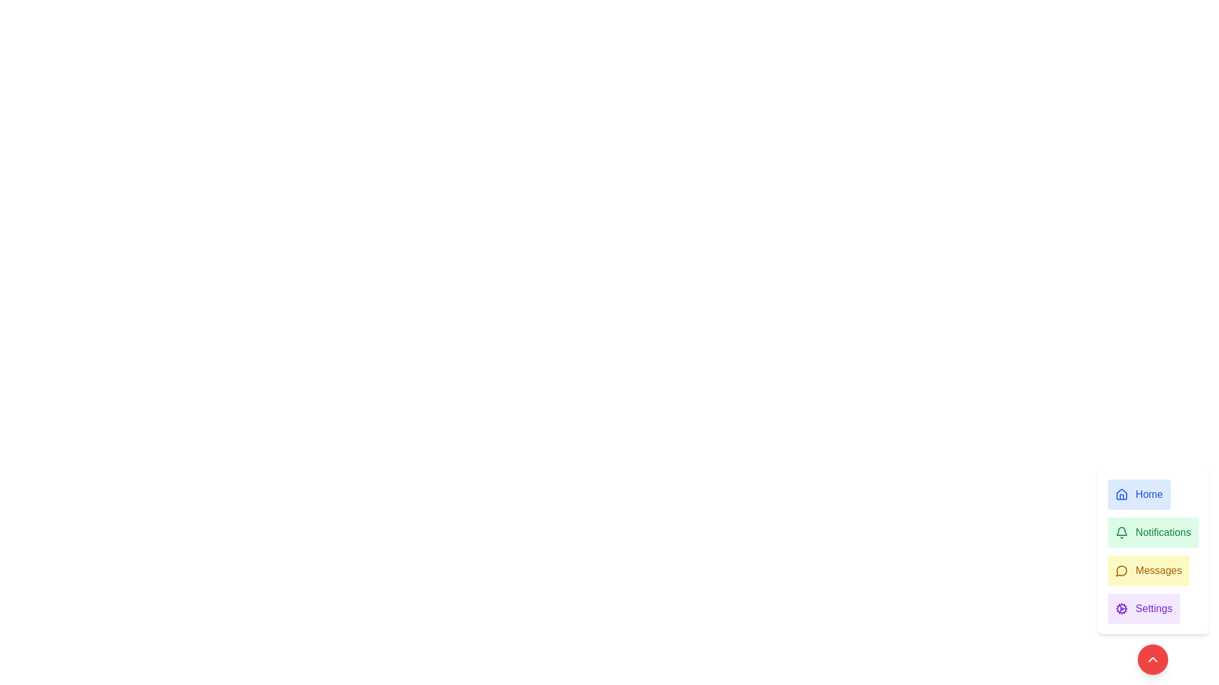  I want to click on the green notification button labeled 'Notifications' with a bell icon, so click(1153, 533).